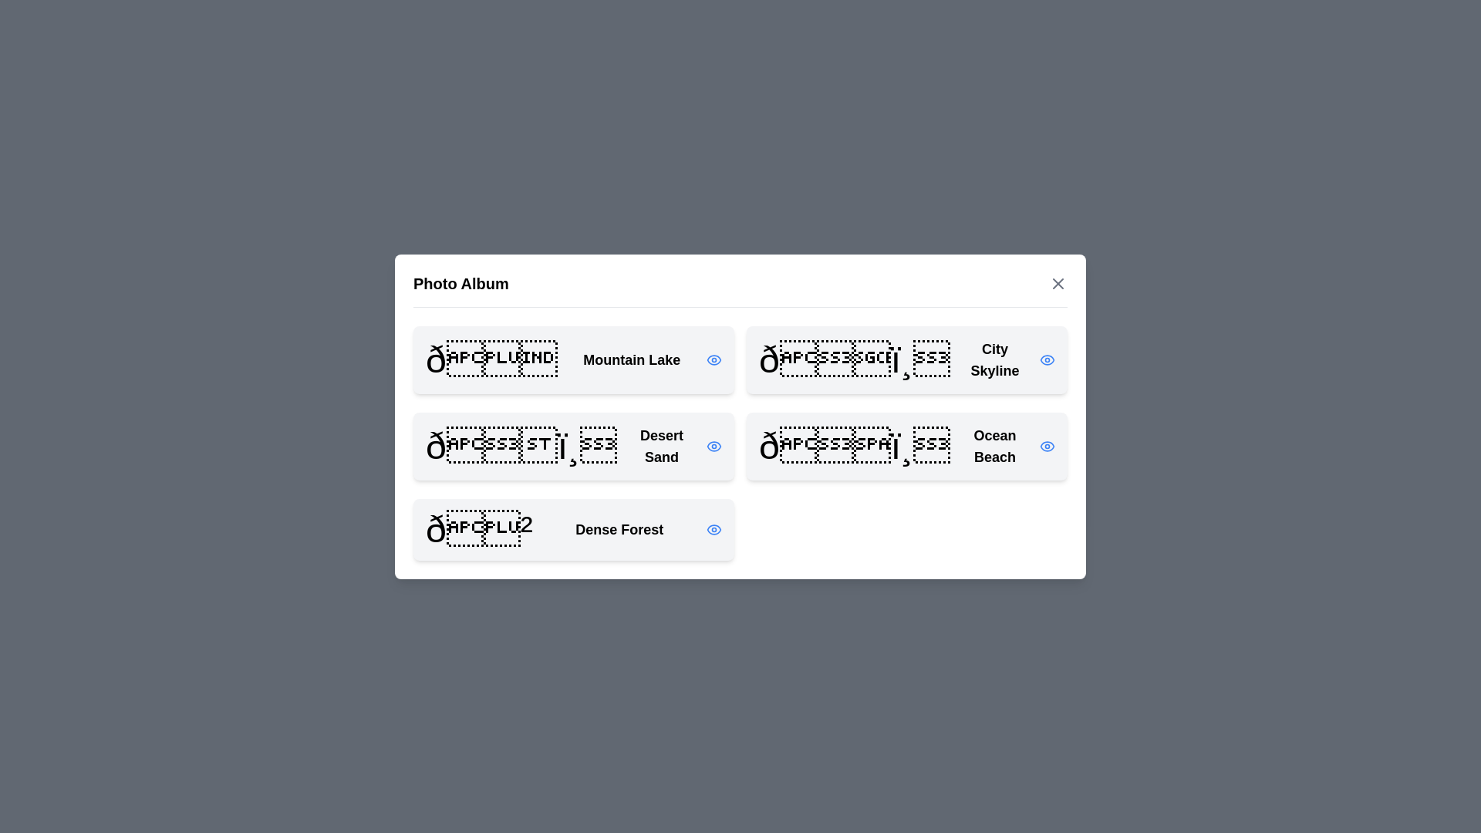  What do you see at coordinates (573, 359) in the screenshot?
I see `the photo titled Mountain Lake from the list` at bounding box center [573, 359].